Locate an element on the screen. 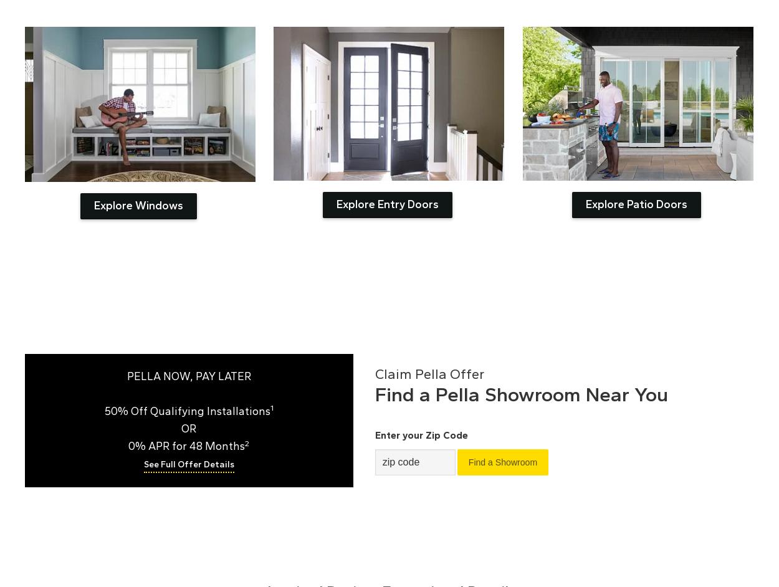  '50% Off Qualifying Installations' is located at coordinates (187, 410).